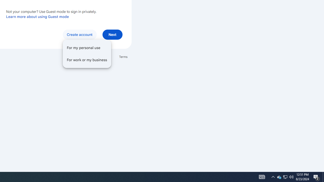 The width and height of the screenshot is (324, 182). I want to click on 'Create account', so click(79, 34).